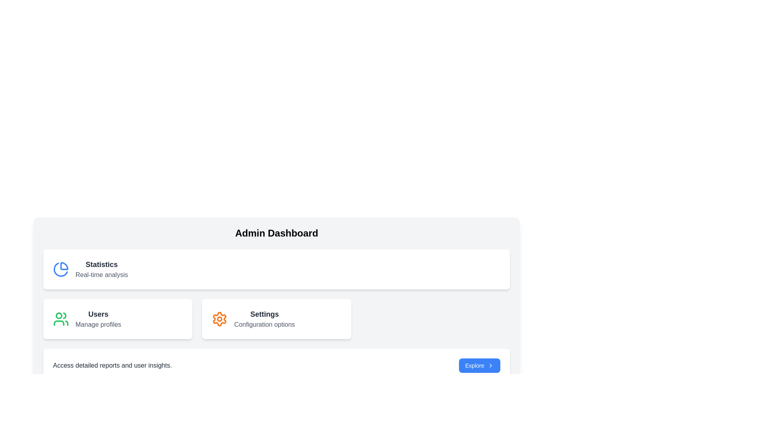  Describe the element at coordinates (98, 318) in the screenshot. I see `text element that identifies a navigation or action card related to managing user profiles, positioned centrally within a white card under an icon of stylized green users` at that location.